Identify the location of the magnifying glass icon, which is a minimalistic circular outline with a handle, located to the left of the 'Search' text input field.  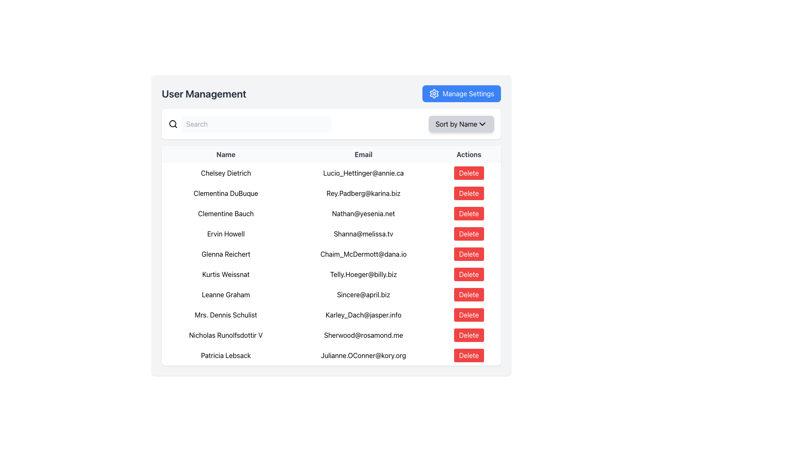
(172, 124).